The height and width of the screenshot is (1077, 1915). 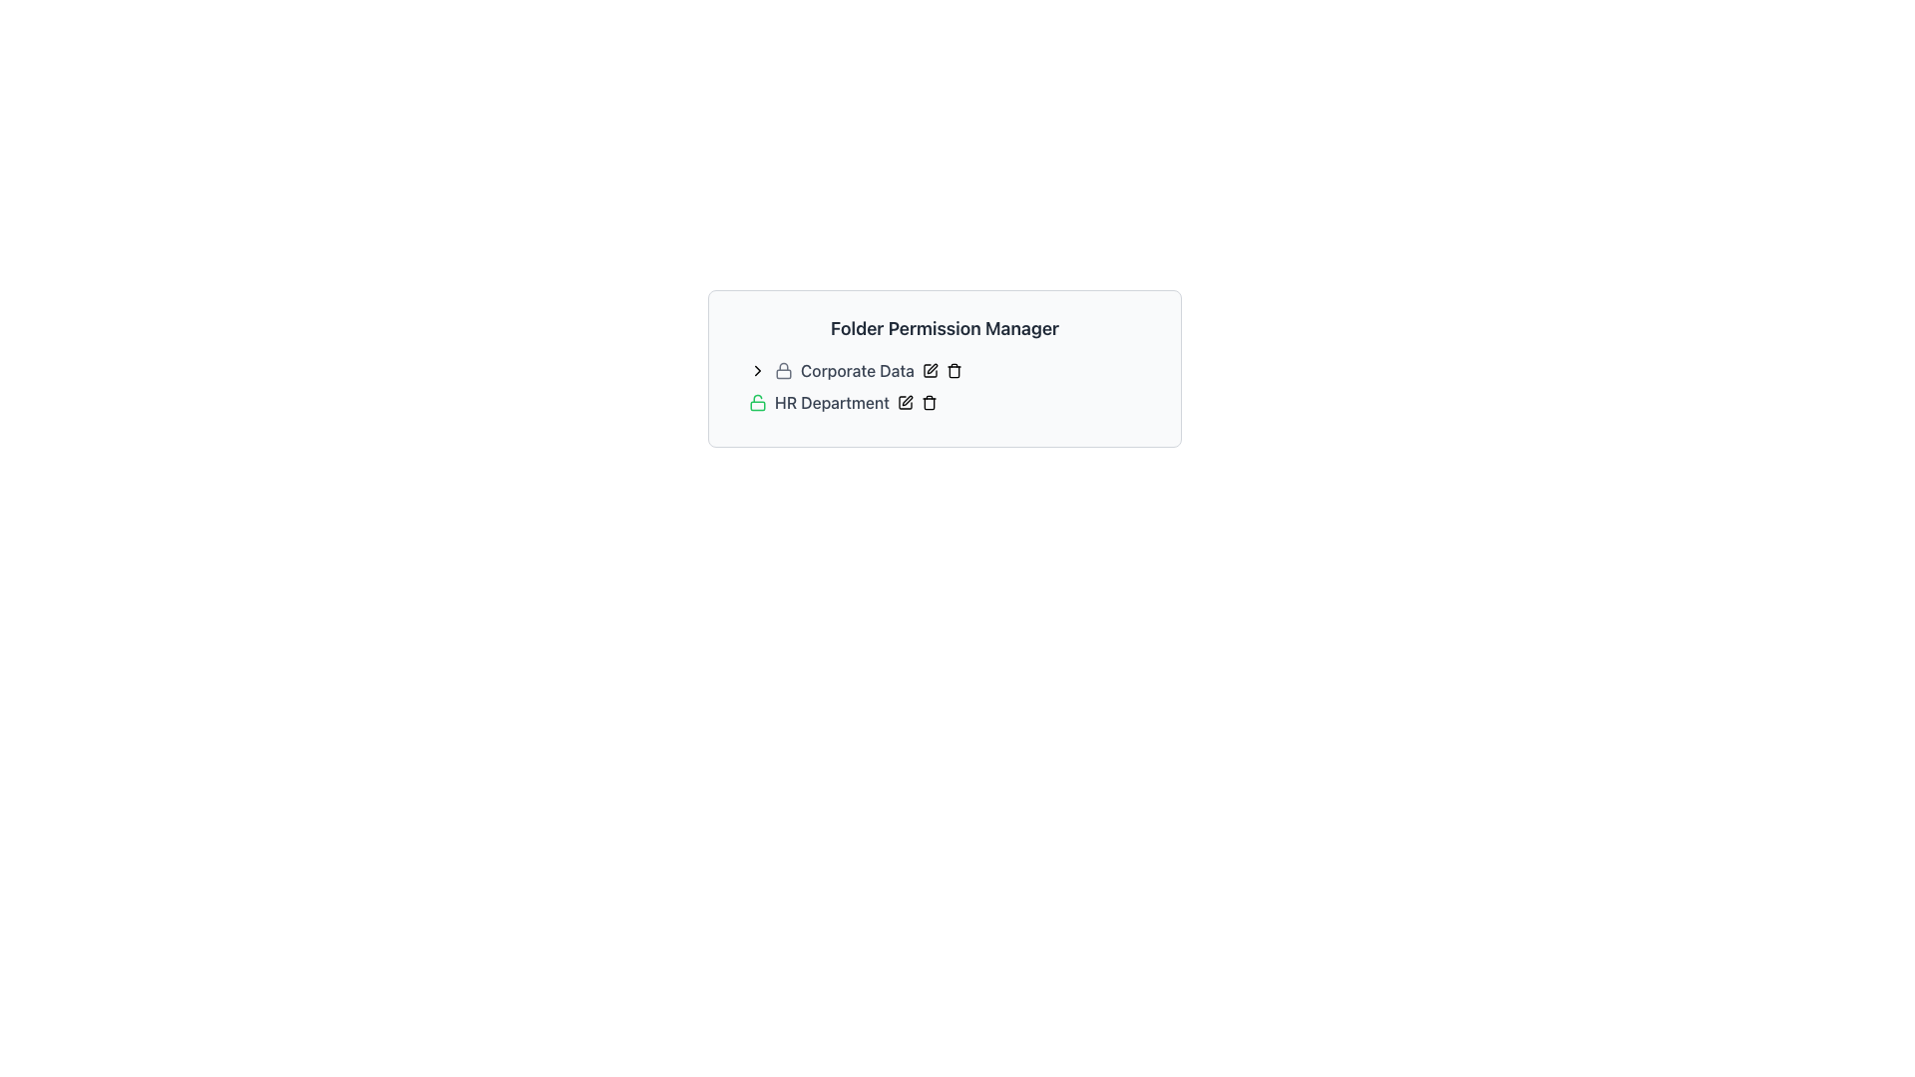 I want to click on the 'Delete' icon in the 'Folder Permission Manager' for the 'HR Department' located in the second row, which is the last icon following the editing pencil icon, so click(x=928, y=404).